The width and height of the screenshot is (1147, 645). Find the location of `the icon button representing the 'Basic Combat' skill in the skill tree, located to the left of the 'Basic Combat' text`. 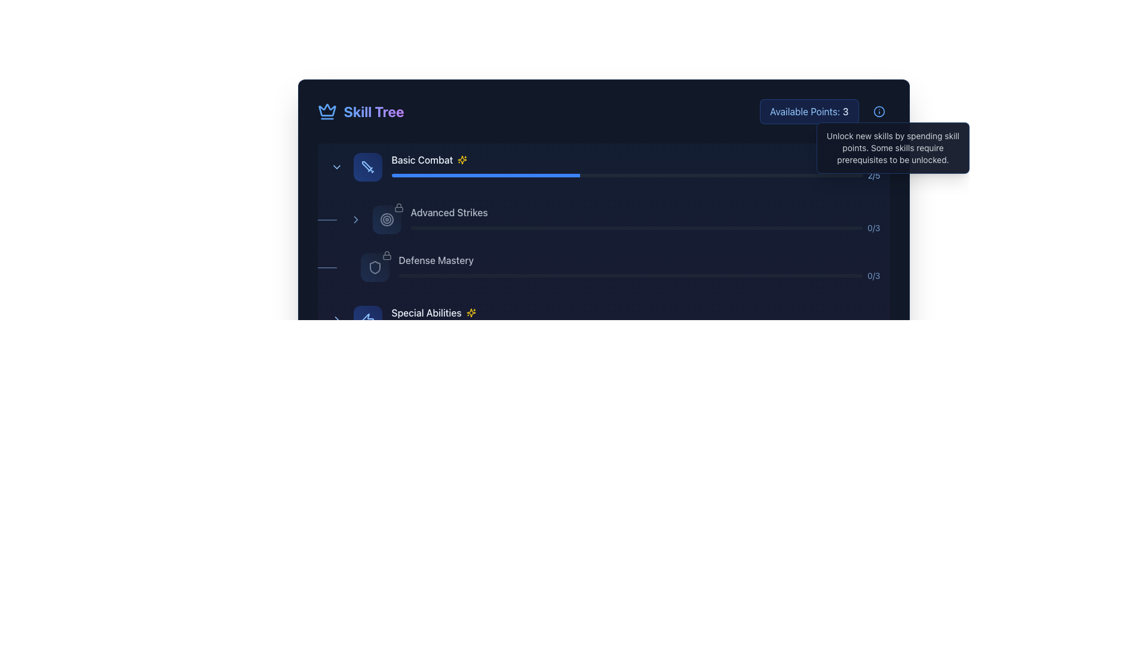

the icon button representing the 'Basic Combat' skill in the skill tree, located to the left of the 'Basic Combat' text is located at coordinates (367, 167).